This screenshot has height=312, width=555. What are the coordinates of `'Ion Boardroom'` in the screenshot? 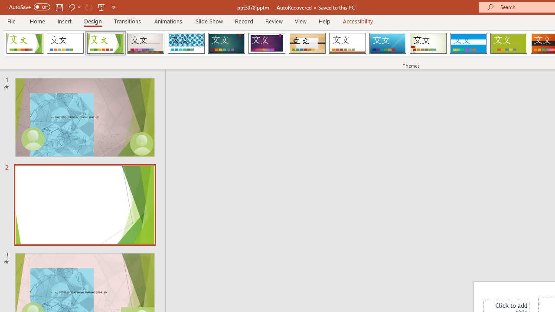 It's located at (266, 43).